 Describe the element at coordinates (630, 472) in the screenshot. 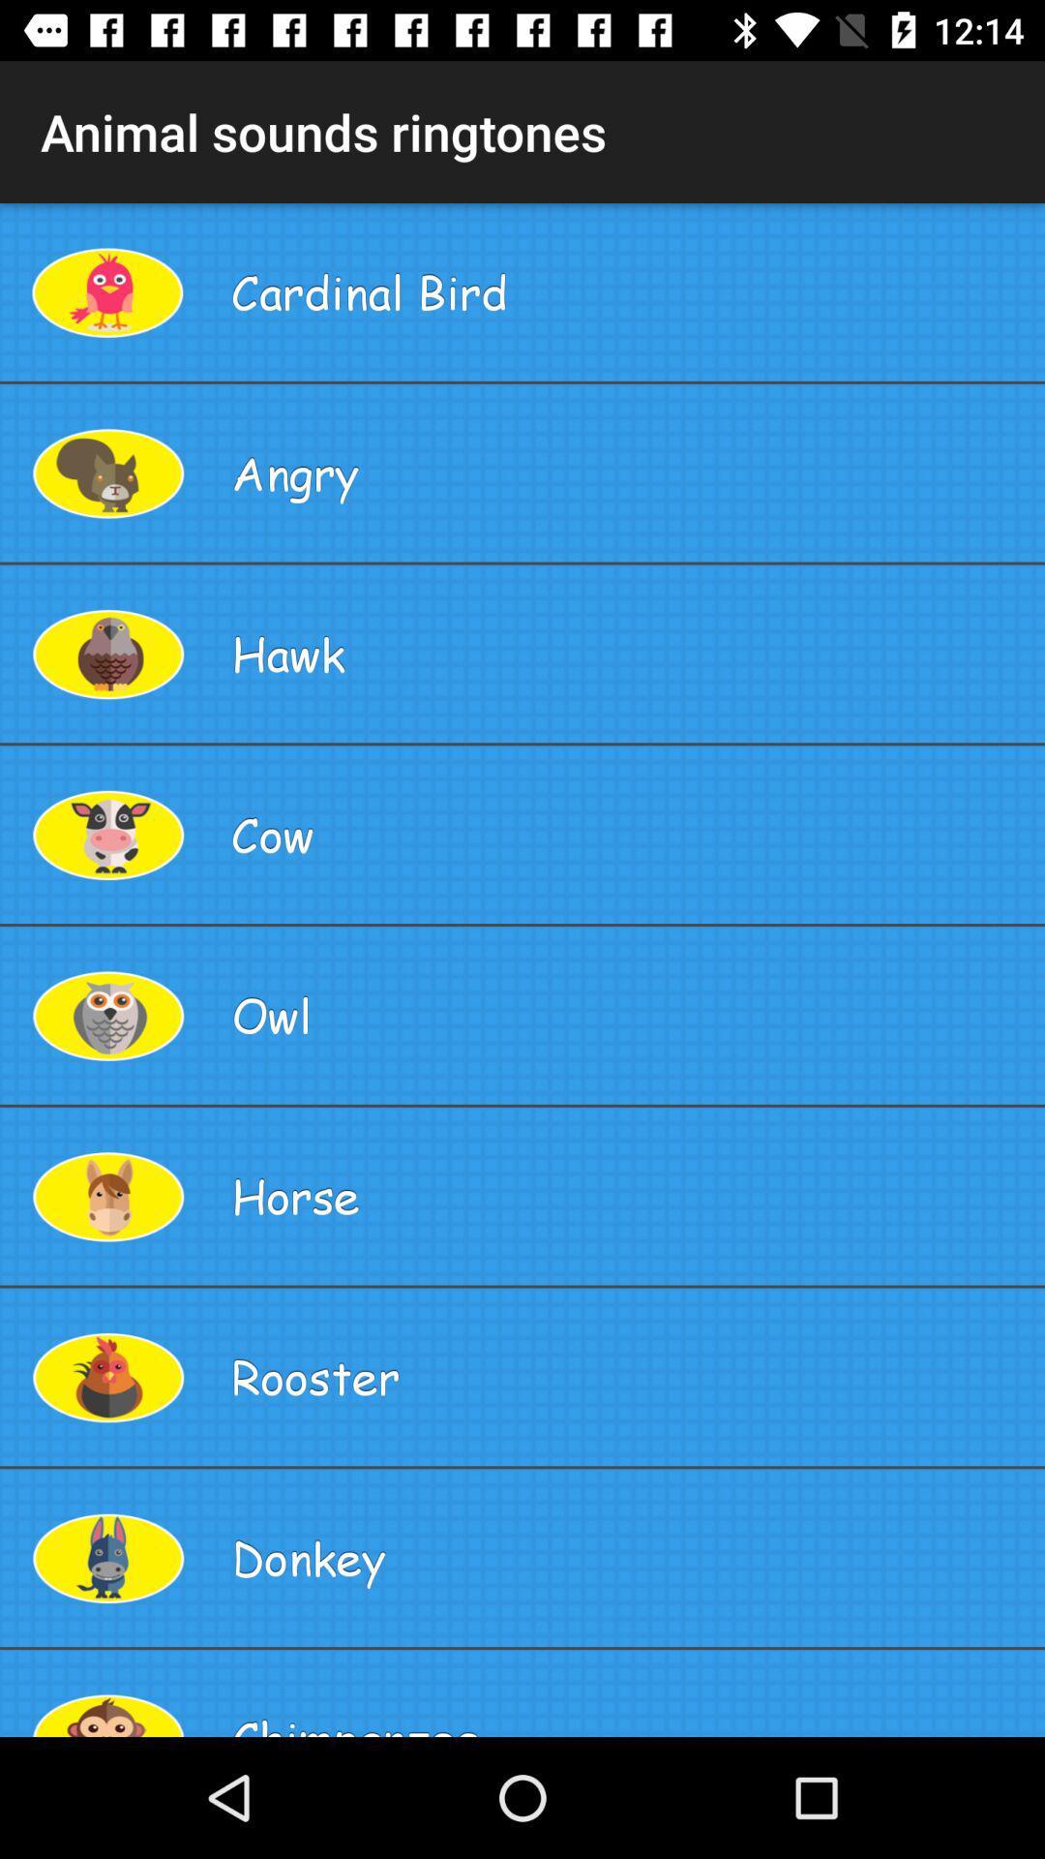

I see `the angry` at that location.